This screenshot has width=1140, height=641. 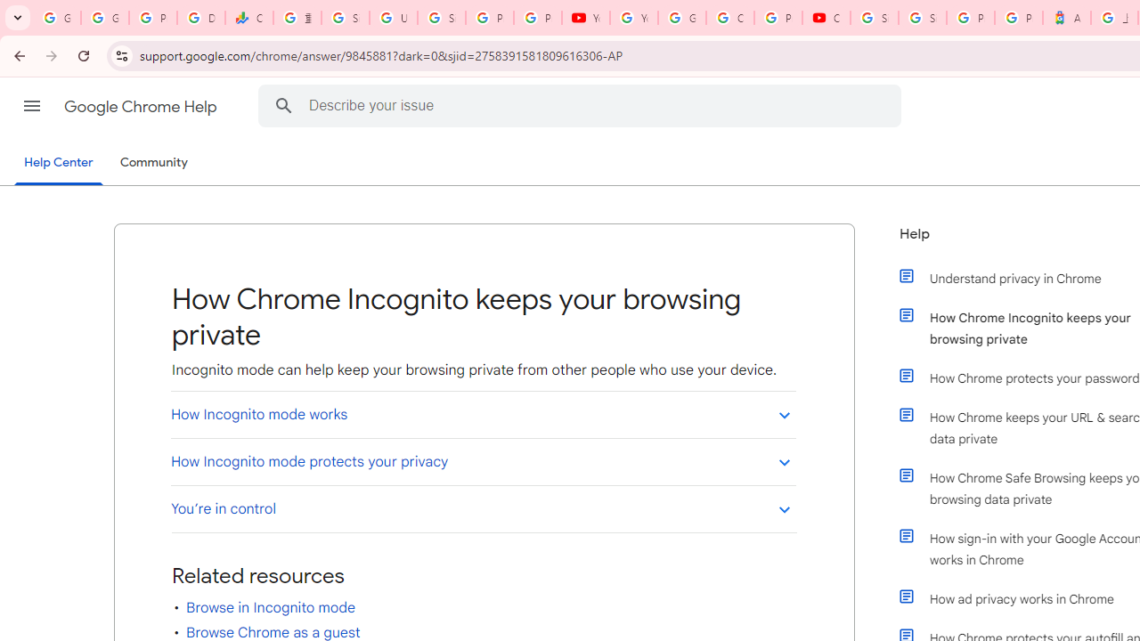 I want to click on 'Create your Google Account', so click(x=729, y=18).